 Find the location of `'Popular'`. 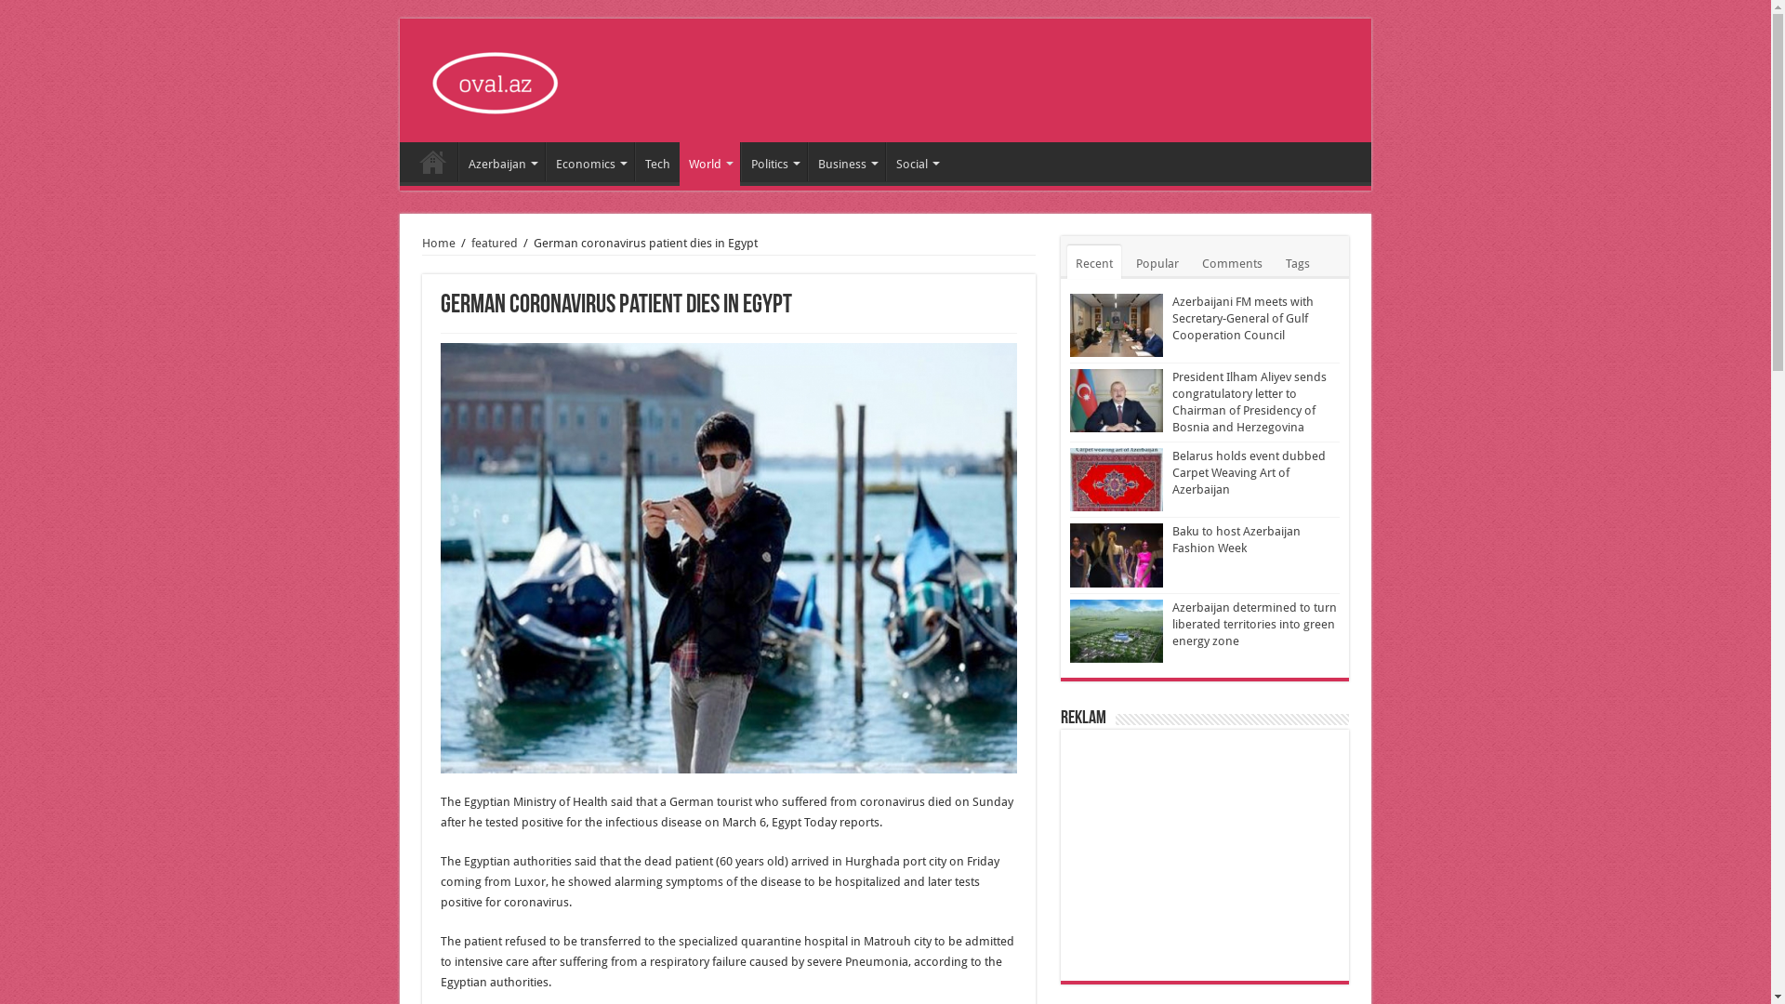

'Popular' is located at coordinates (1156, 261).